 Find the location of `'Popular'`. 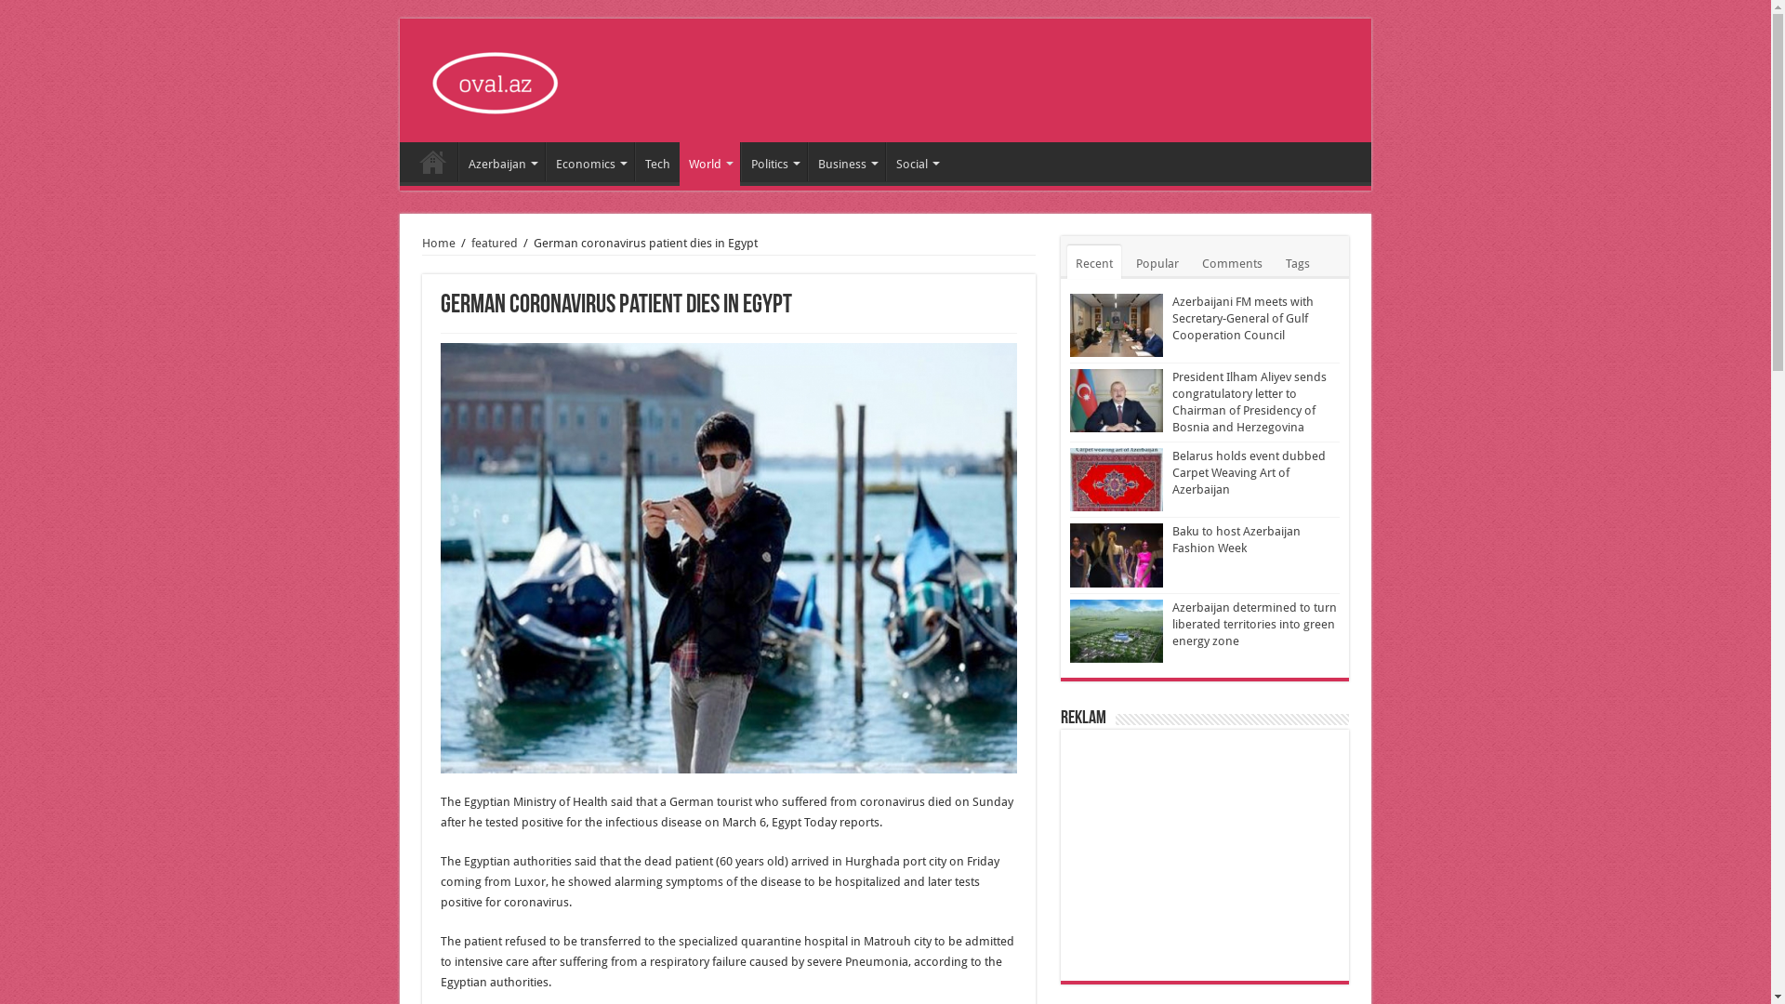

'Popular' is located at coordinates (1156, 261).